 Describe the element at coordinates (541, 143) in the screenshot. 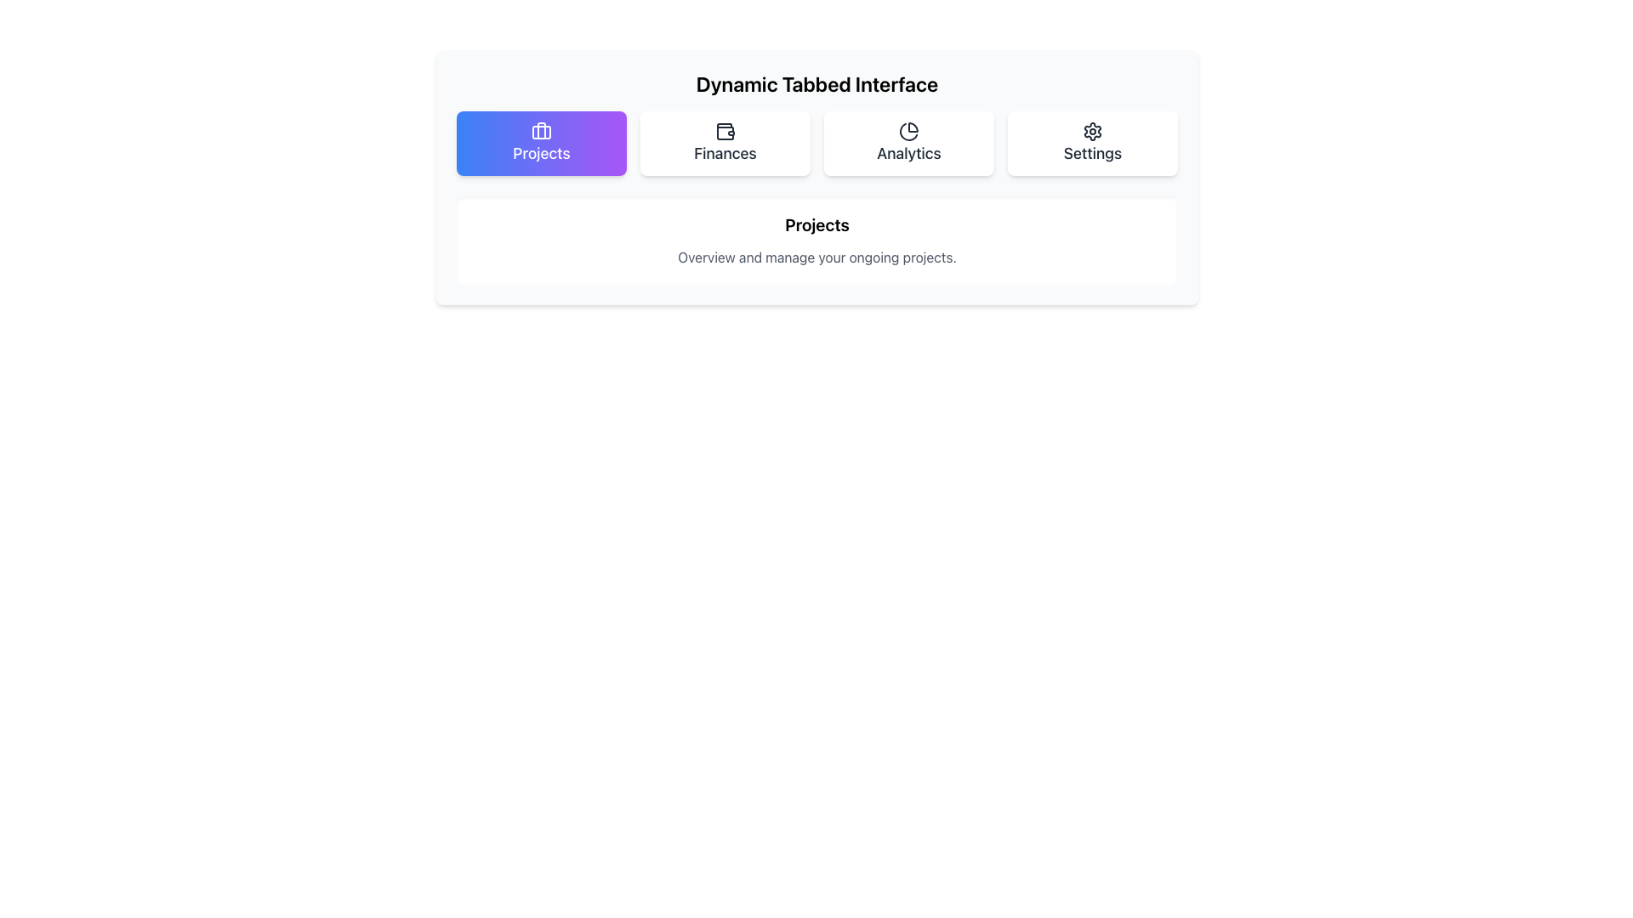

I see `the 'Projects' tab button in the Dynamic Tabbed Interface for keyboard navigation` at that location.